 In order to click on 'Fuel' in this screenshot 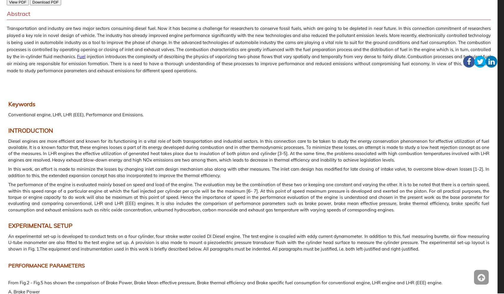, I will do `click(81, 56)`.